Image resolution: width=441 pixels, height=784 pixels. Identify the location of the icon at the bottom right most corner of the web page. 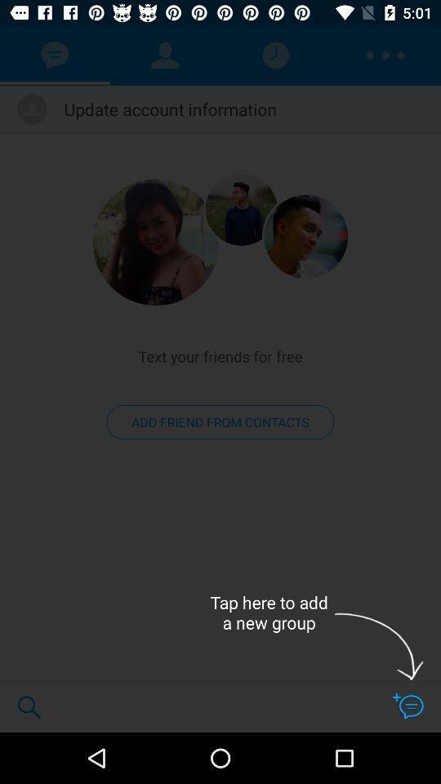
(407, 706).